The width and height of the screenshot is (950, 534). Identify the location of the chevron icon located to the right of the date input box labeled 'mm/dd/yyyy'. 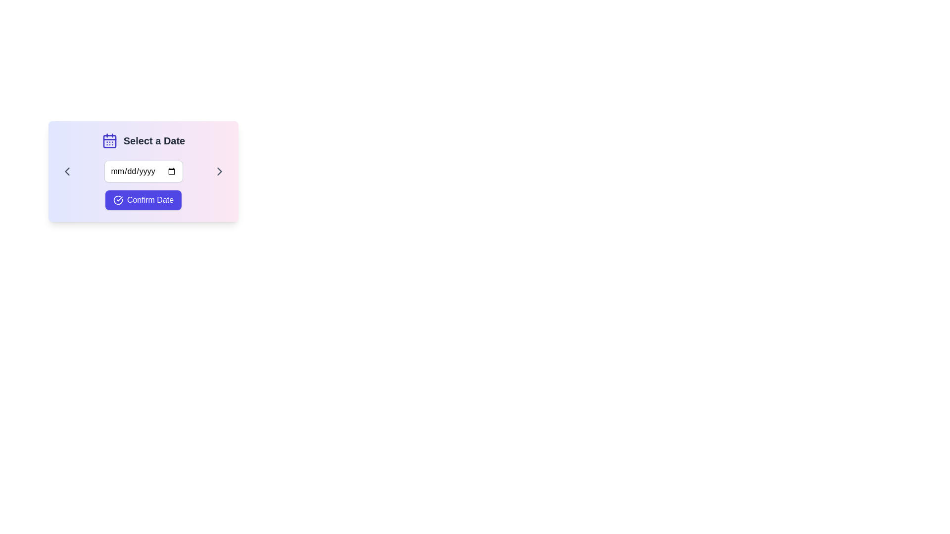
(219, 171).